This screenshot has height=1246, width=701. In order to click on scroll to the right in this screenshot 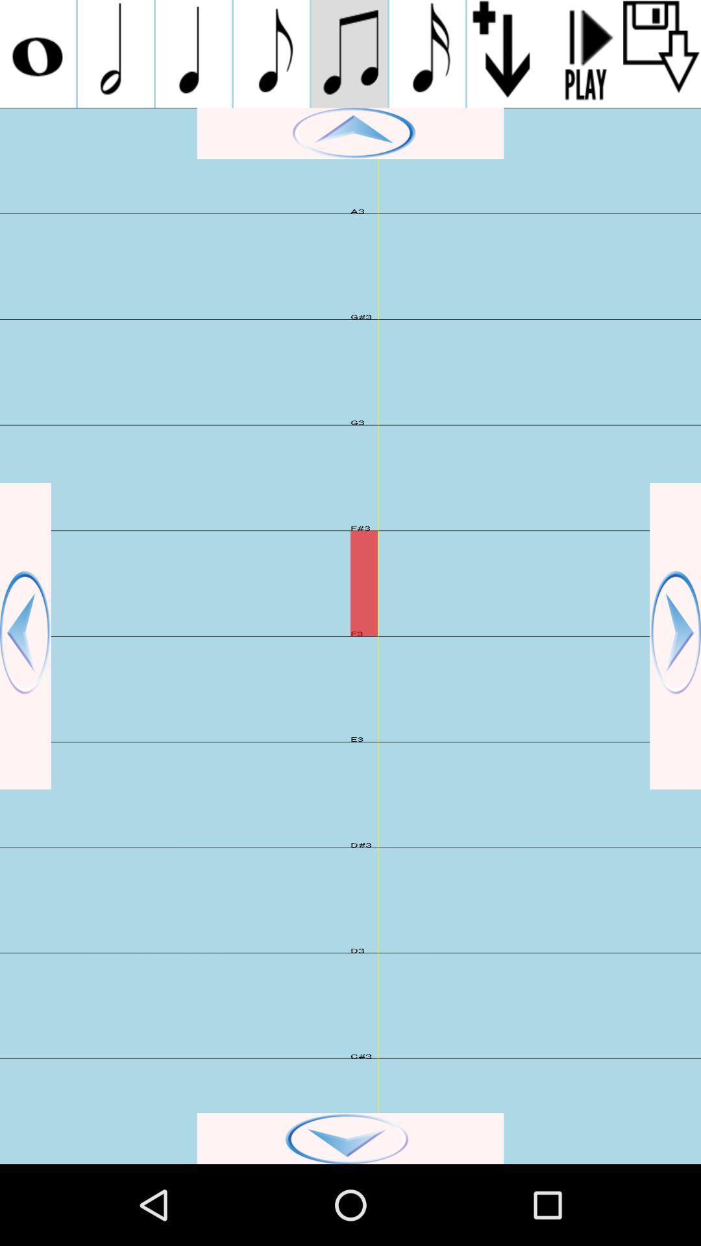, I will do `click(674, 636)`.